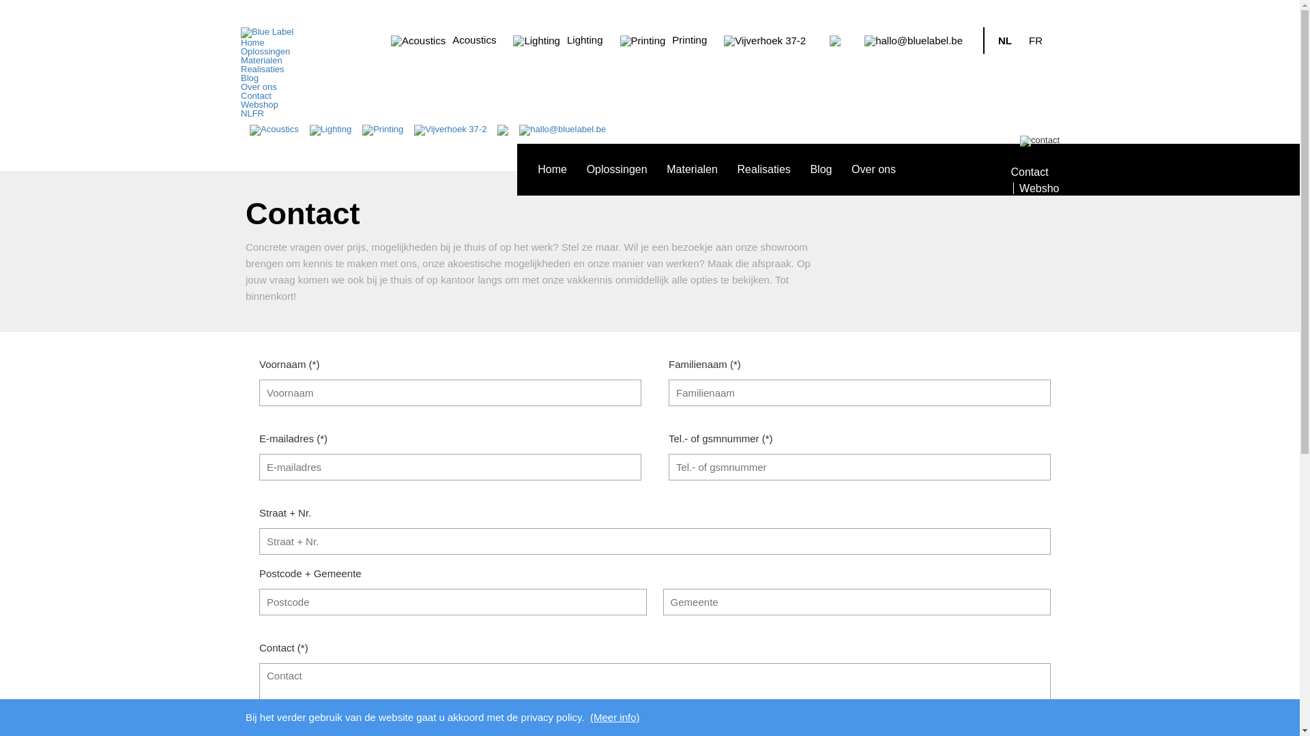 Image resolution: width=1310 pixels, height=736 pixels. I want to click on 'FR', so click(1035, 40).